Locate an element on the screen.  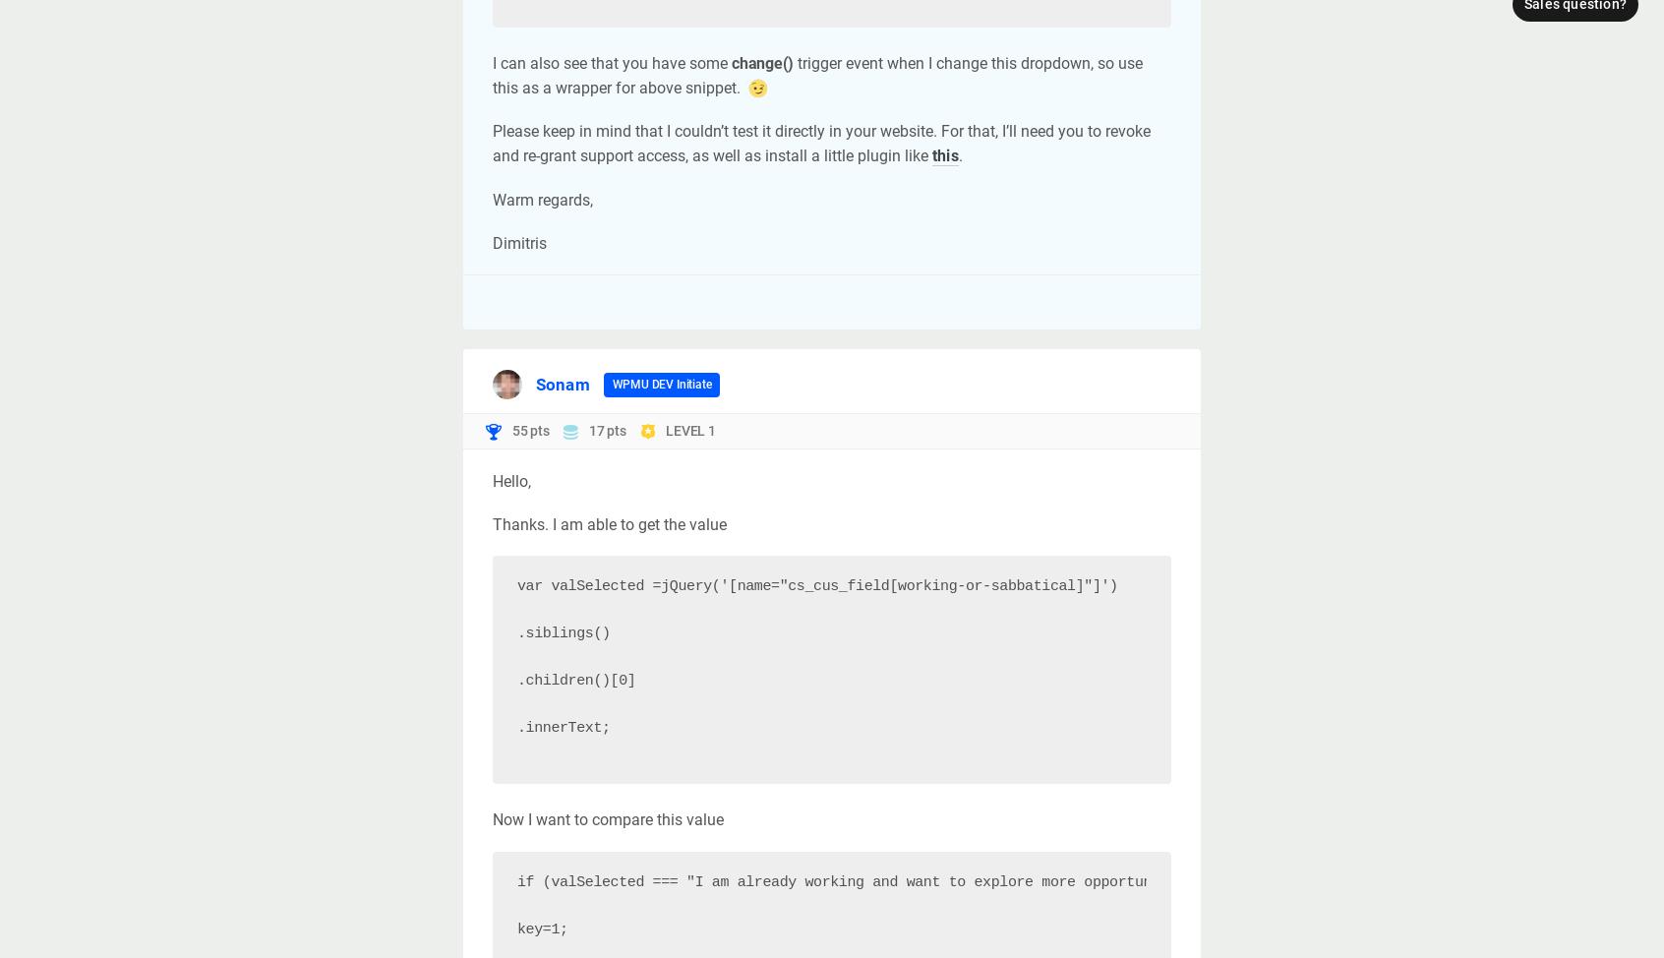
'LEVEL' is located at coordinates (686, 429).